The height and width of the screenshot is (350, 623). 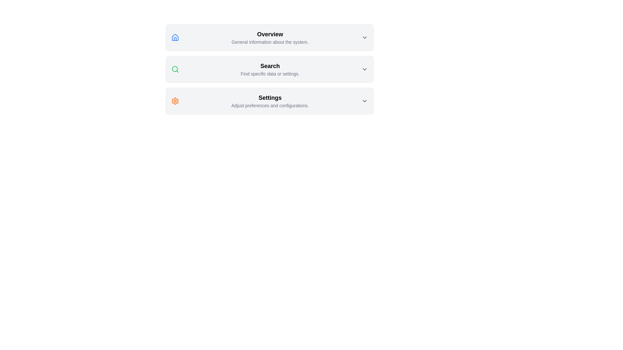 I want to click on the expandable settings icon located at the right end of the 'Settings' section, next to the text 'Adjust preferences and configurations.', so click(x=364, y=101).